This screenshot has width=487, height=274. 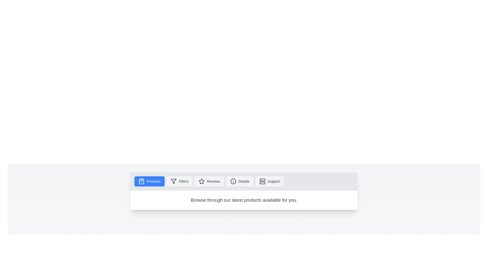 I want to click on the Filters tab to observe its hover effect, so click(x=180, y=181).